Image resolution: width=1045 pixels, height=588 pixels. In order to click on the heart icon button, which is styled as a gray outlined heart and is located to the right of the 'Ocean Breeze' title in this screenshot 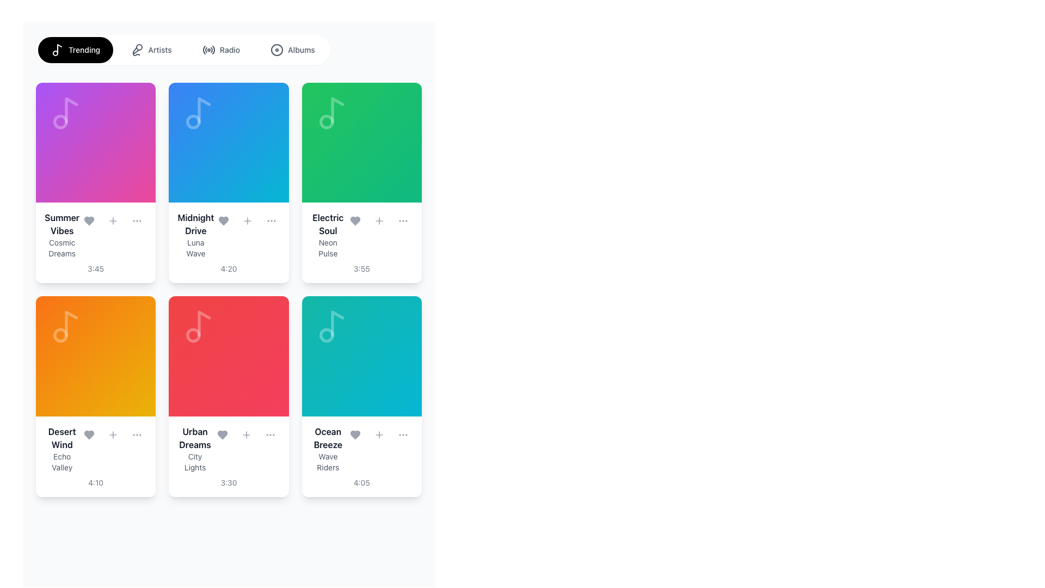, I will do `click(355, 434)`.